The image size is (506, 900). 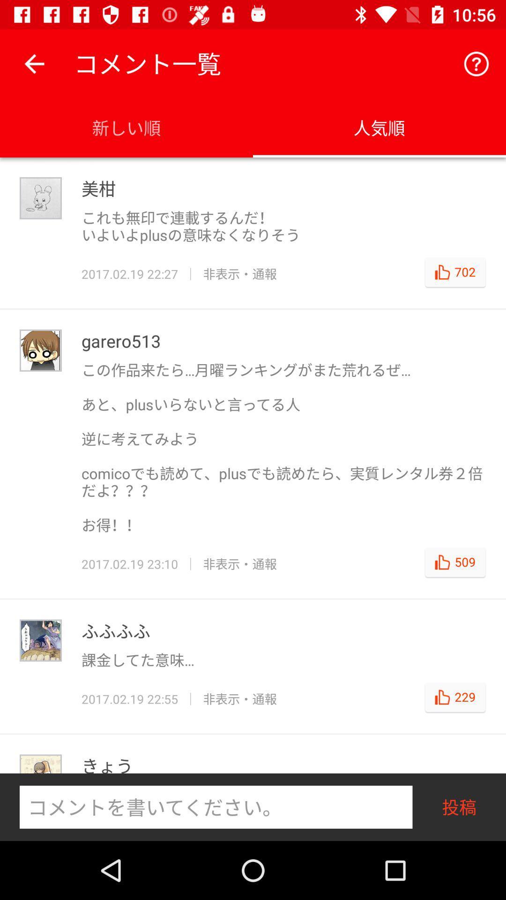 I want to click on the third user image from the top, so click(x=40, y=640).